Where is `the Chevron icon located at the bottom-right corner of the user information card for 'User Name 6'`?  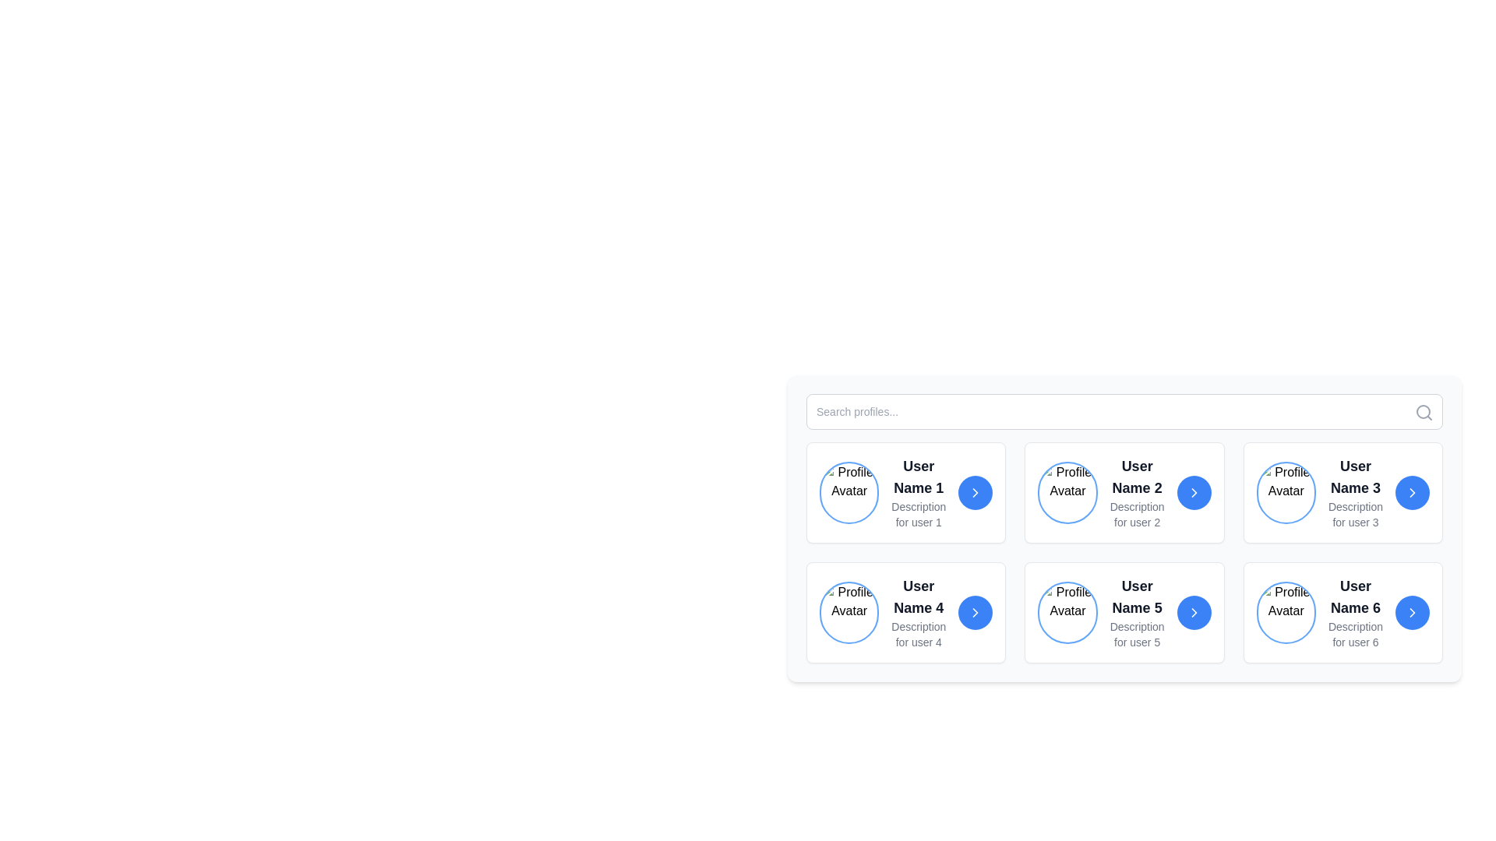 the Chevron icon located at the bottom-right corner of the user information card for 'User Name 6' is located at coordinates (1413, 611).